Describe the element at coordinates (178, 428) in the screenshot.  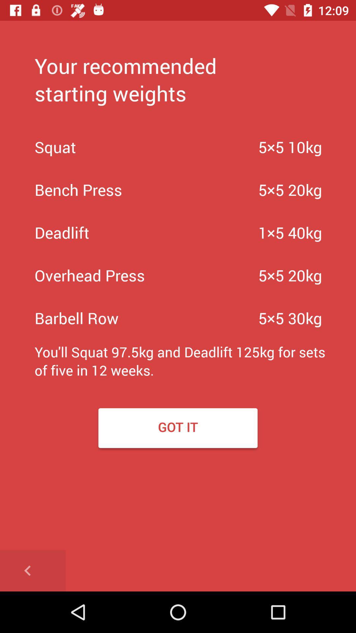
I see `the got it item` at that location.